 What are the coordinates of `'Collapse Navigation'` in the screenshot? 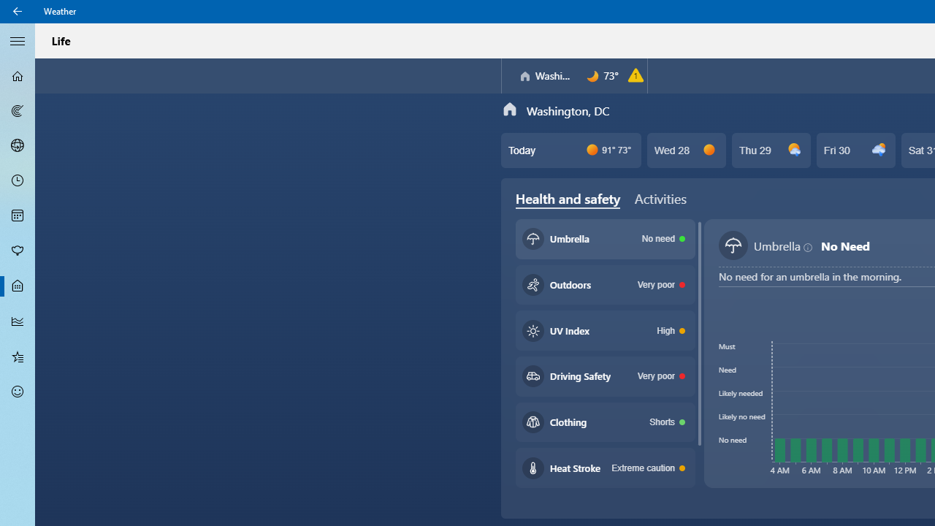 It's located at (18, 39).